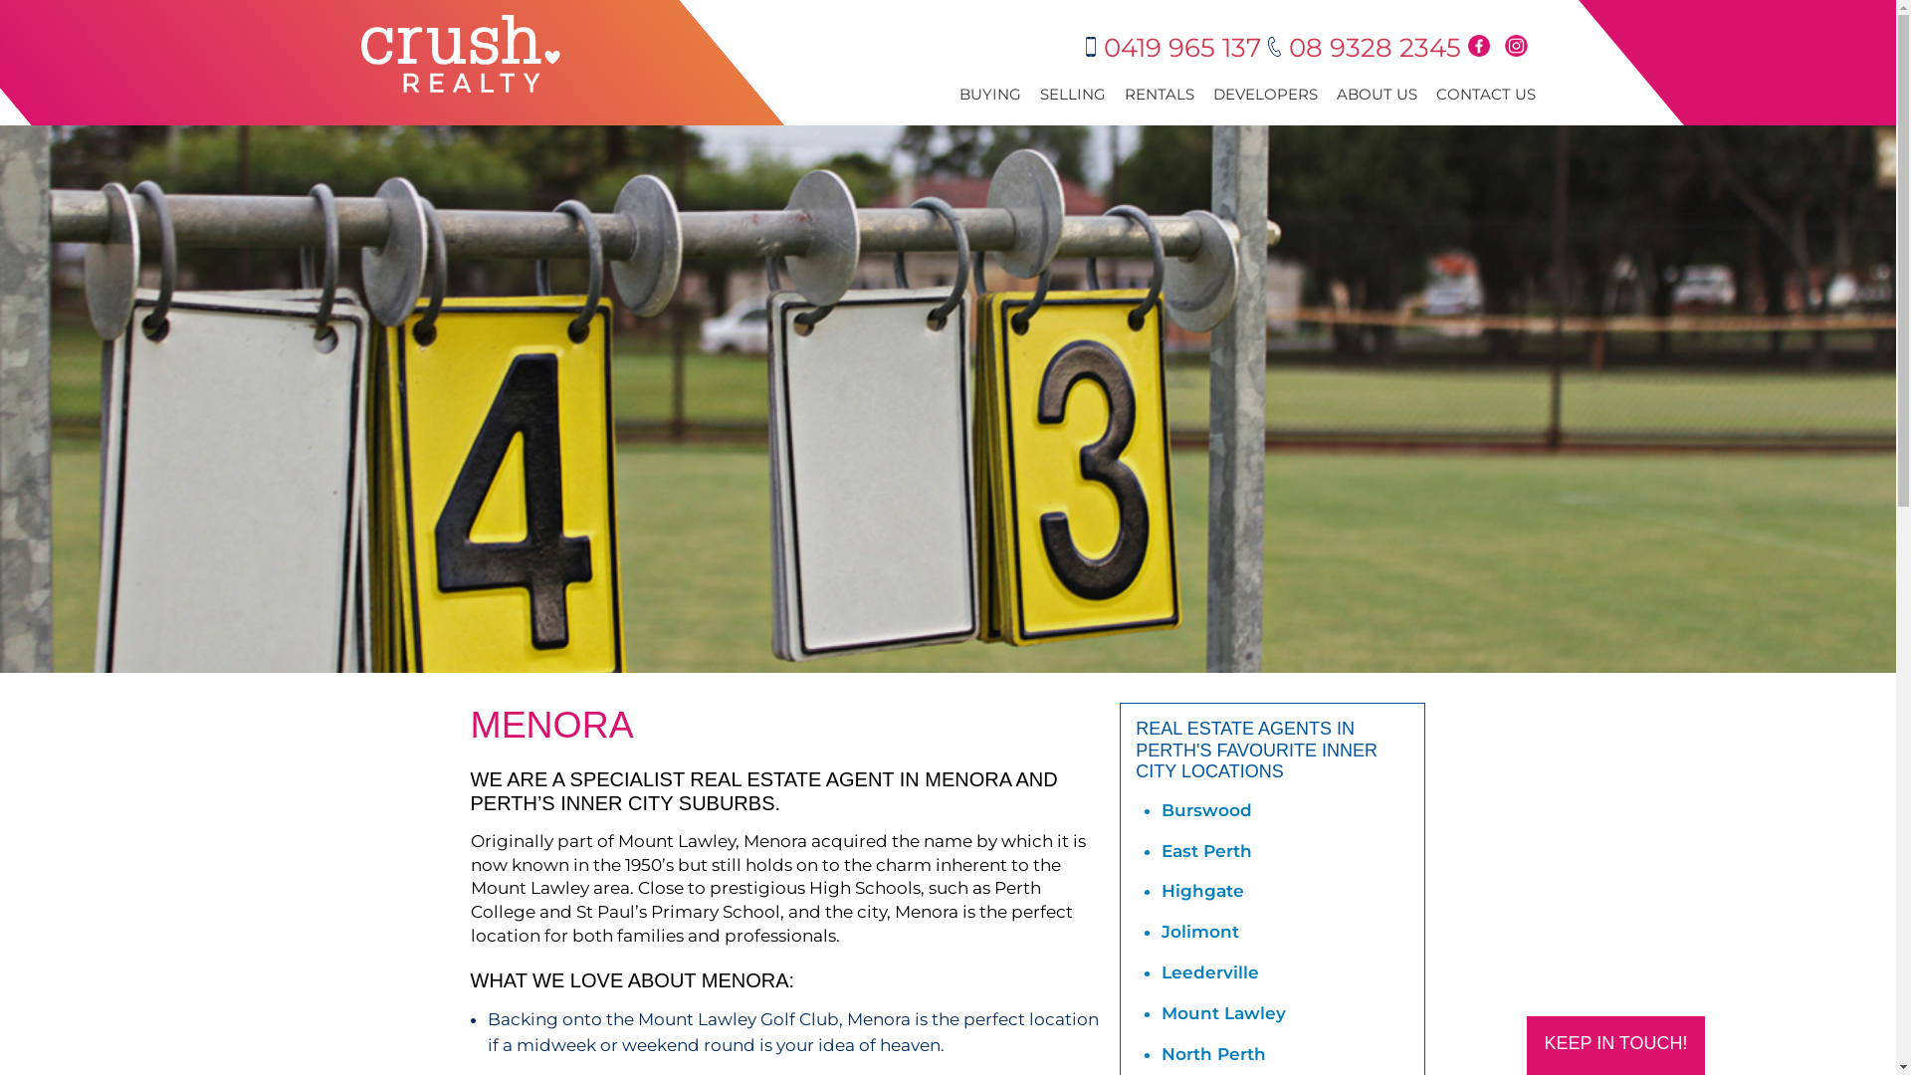 Image resolution: width=1911 pixels, height=1075 pixels. I want to click on '0419 965 137', so click(1176, 46).